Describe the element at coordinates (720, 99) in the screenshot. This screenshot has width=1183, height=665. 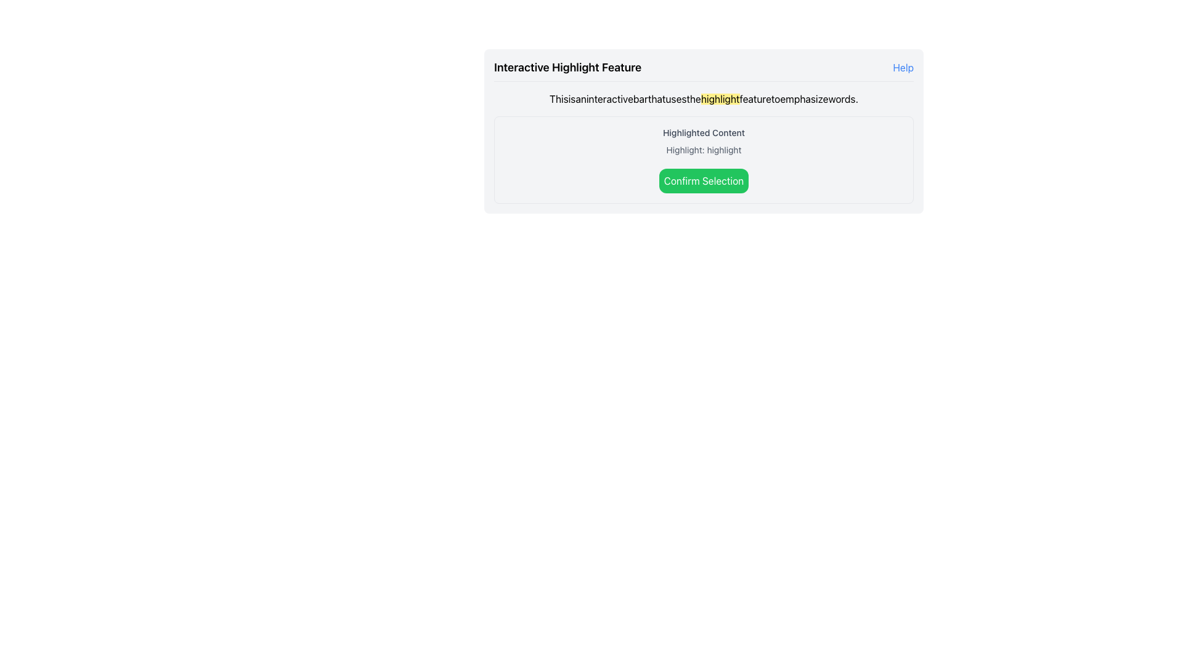
I see `the highlighted word 'highlight' in the sentence under 'Interactive Highlight Feature'` at that location.